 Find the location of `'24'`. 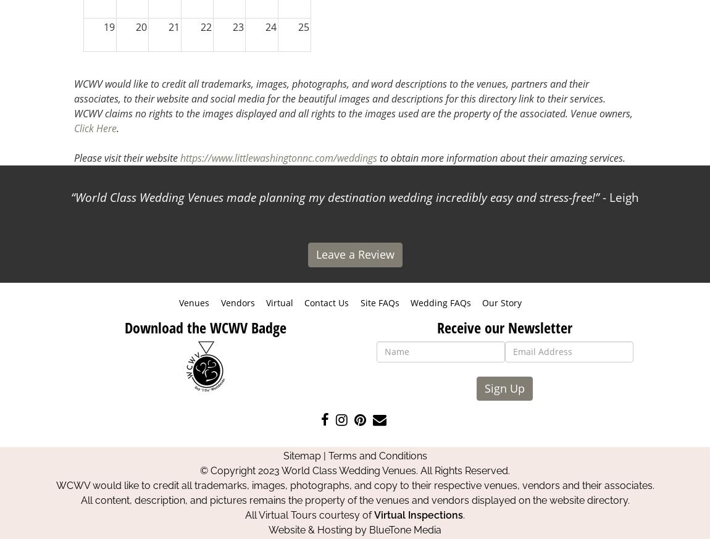

'24' is located at coordinates (270, 26).